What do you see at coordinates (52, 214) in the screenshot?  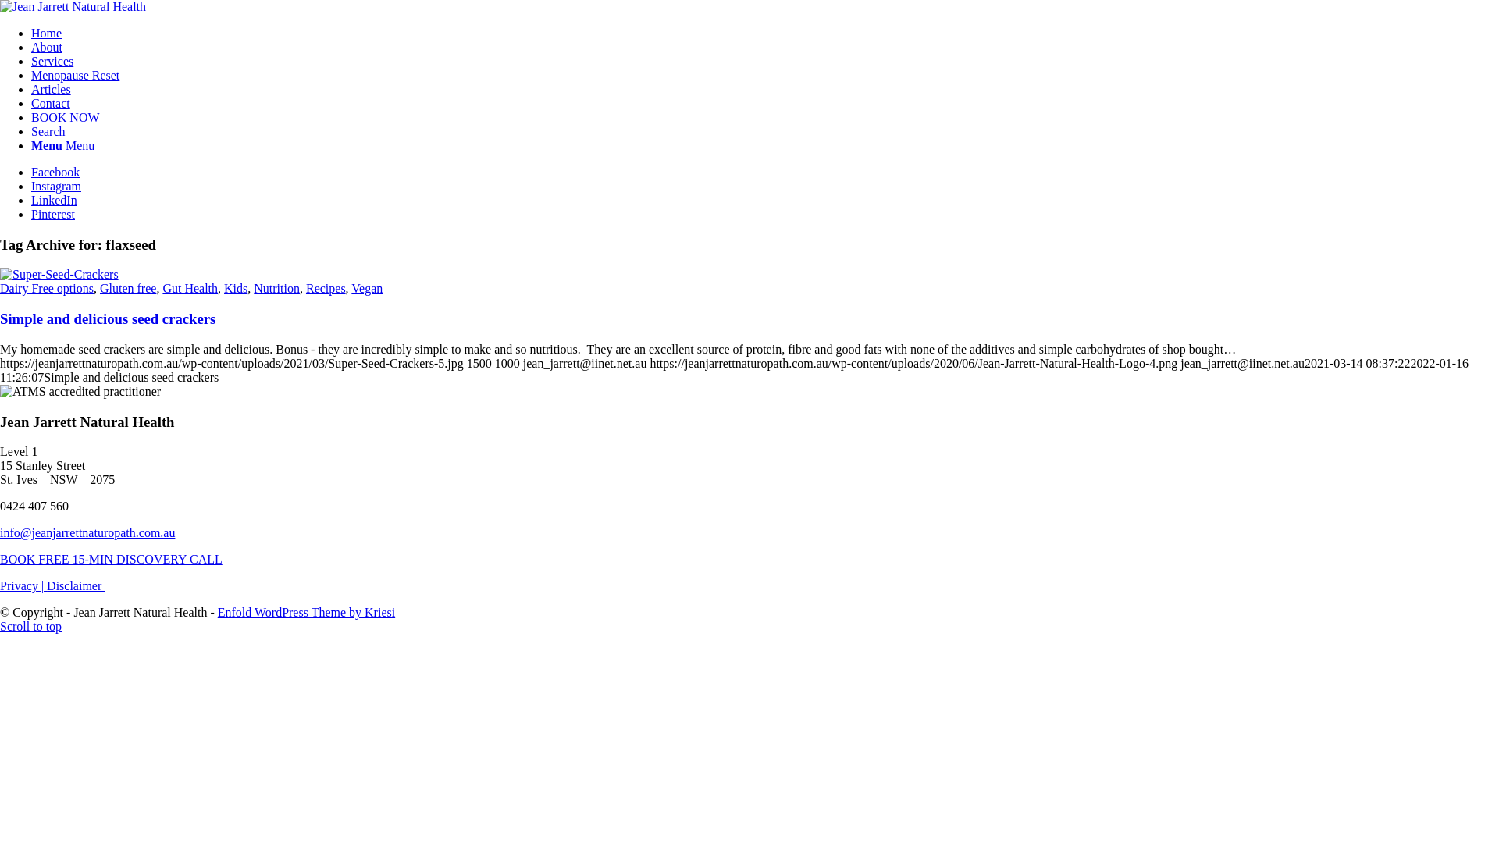 I see `'Pinterest'` at bounding box center [52, 214].